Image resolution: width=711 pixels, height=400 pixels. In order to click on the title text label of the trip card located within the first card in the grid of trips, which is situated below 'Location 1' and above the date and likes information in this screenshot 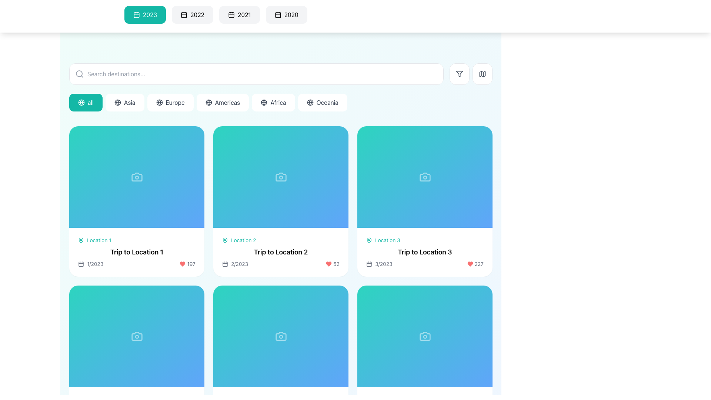, I will do `click(137, 251)`.